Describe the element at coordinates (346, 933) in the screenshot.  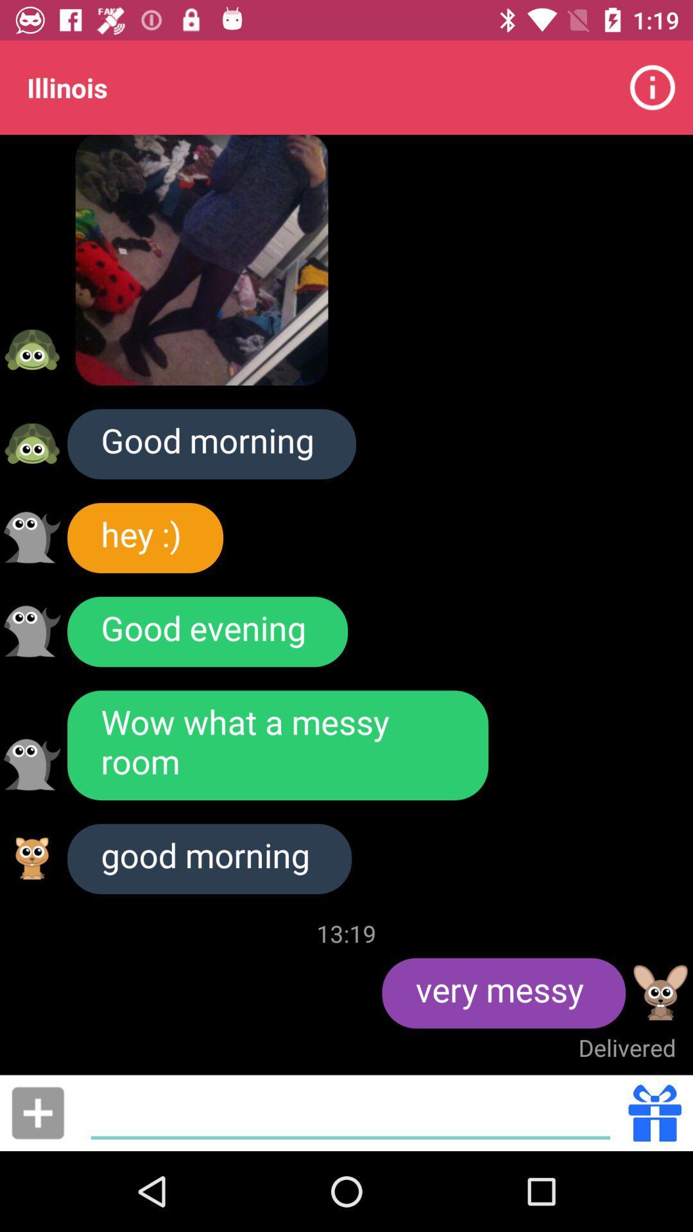
I see `the icon above the very messy  icon` at that location.